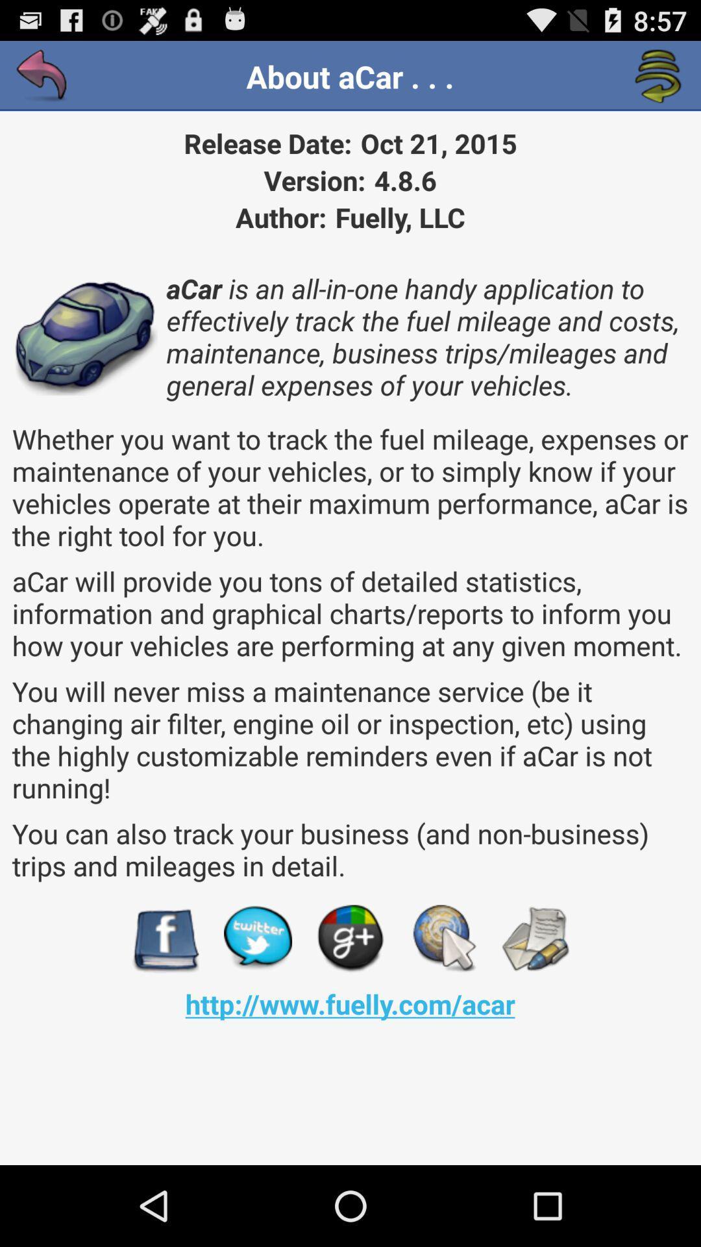 This screenshot has width=701, height=1247. I want to click on open email, so click(535, 938).